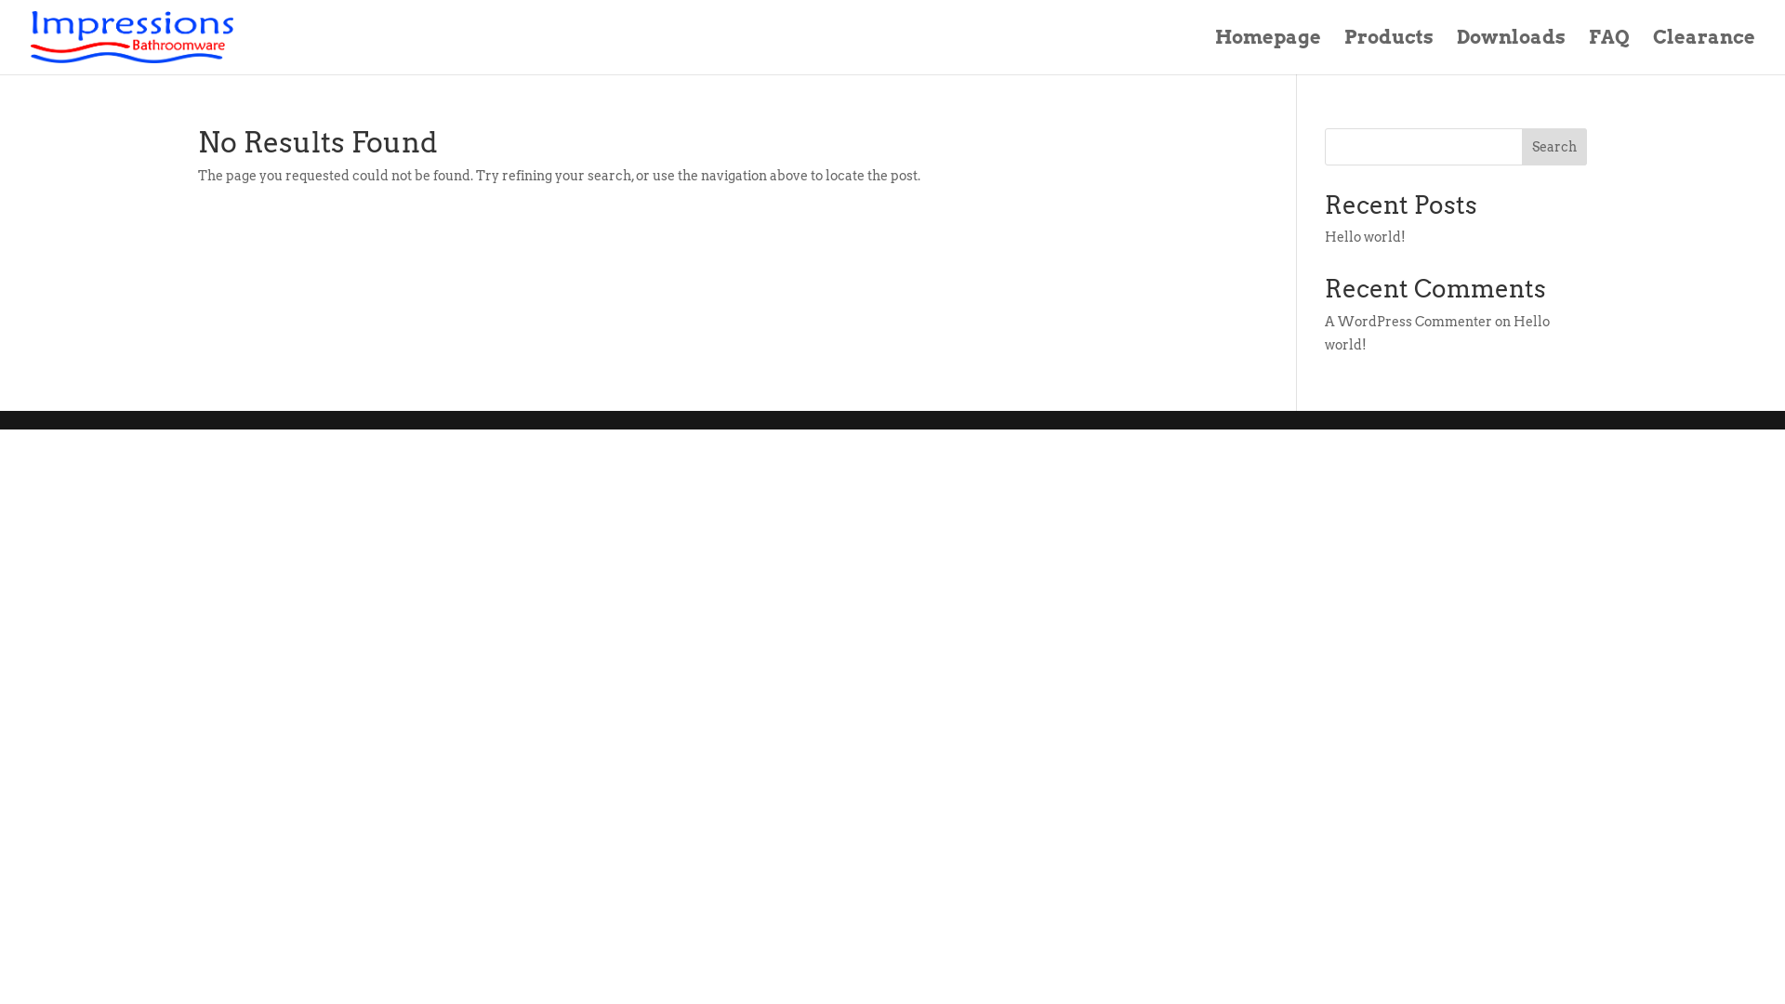 The height and width of the screenshot is (1004, 1785). What do you see at coordinates (1511, 51) in the screenshot?
I see `'Downloads'` at bounding box center [1511, 51].